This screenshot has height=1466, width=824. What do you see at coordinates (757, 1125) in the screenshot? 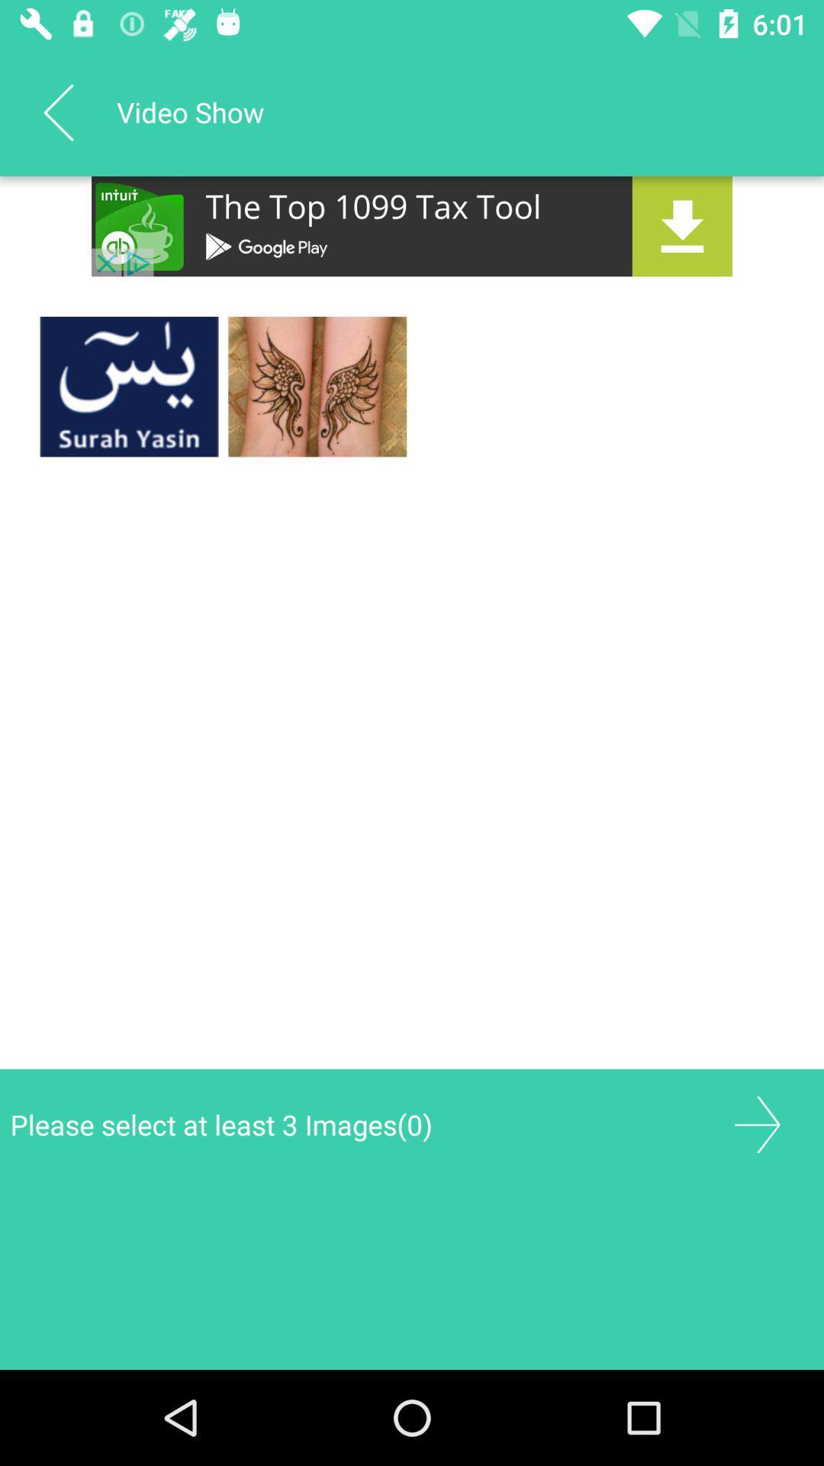
I see `the next page` at bounding box center [757, 1125].